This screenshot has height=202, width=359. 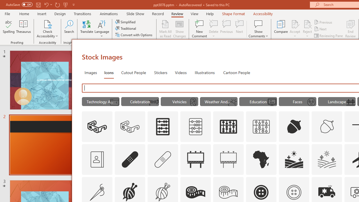 I want to click on '"Technology And Electronics" Icons.', so click(x=101, y=102).